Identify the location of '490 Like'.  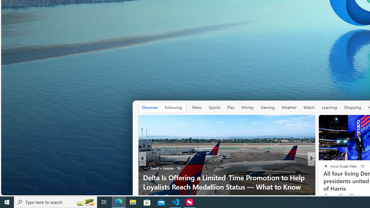
(327, 196).